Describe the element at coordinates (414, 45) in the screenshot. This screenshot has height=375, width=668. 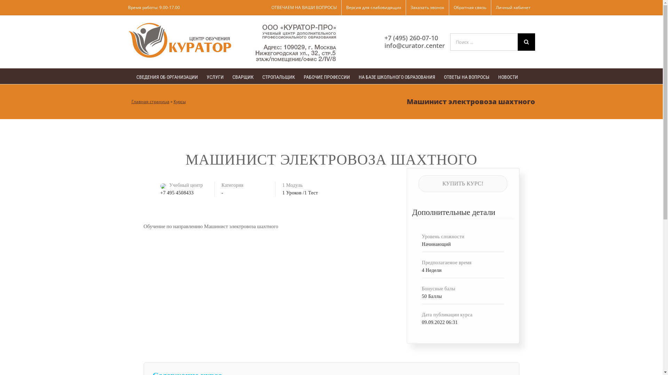
I see `'info@curator.center'` at that location.